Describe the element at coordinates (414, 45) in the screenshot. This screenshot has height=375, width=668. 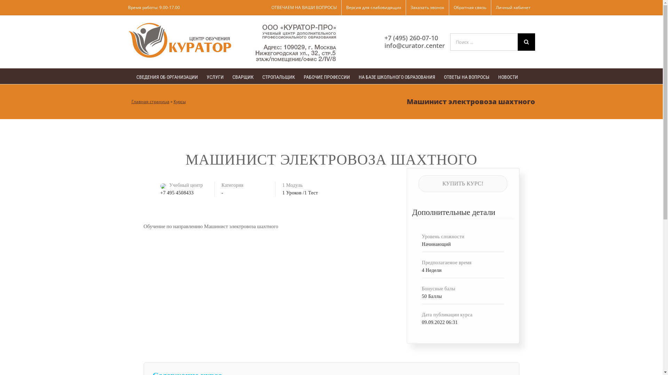
I see `'info@curator.center'` at that location.